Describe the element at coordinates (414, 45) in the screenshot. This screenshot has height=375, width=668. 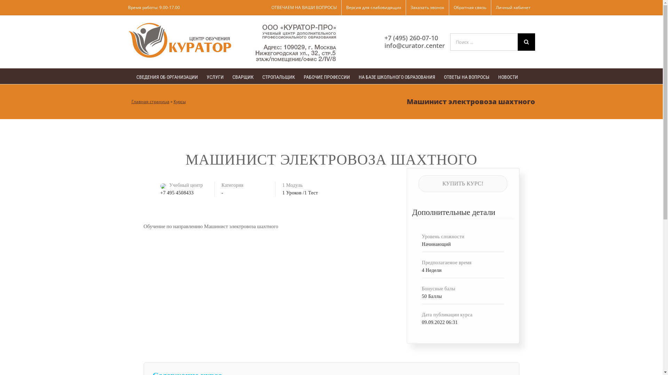
I see `'info@curator.center'` at that location.